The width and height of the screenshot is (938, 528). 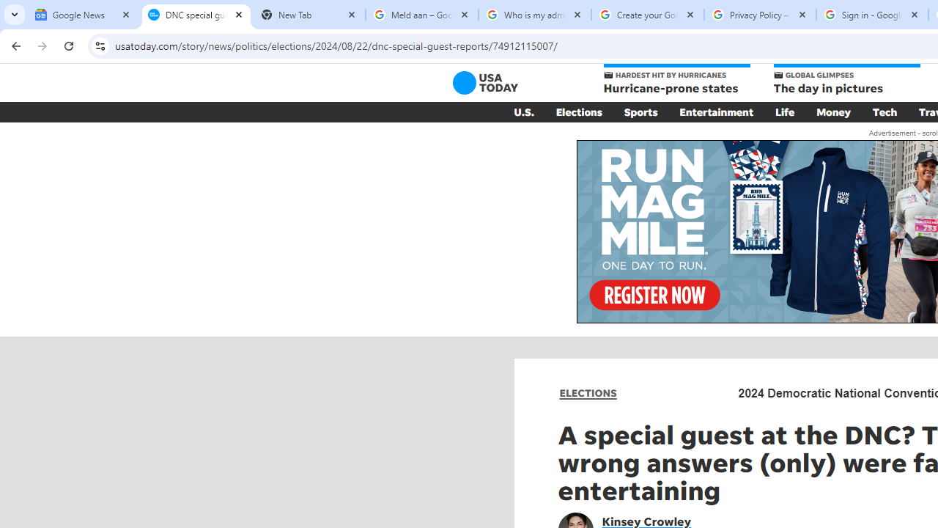 What do you see at coordinates (523, 111) in the screenshot?
I see `'U.S.'` at bounding box center [523, 111].